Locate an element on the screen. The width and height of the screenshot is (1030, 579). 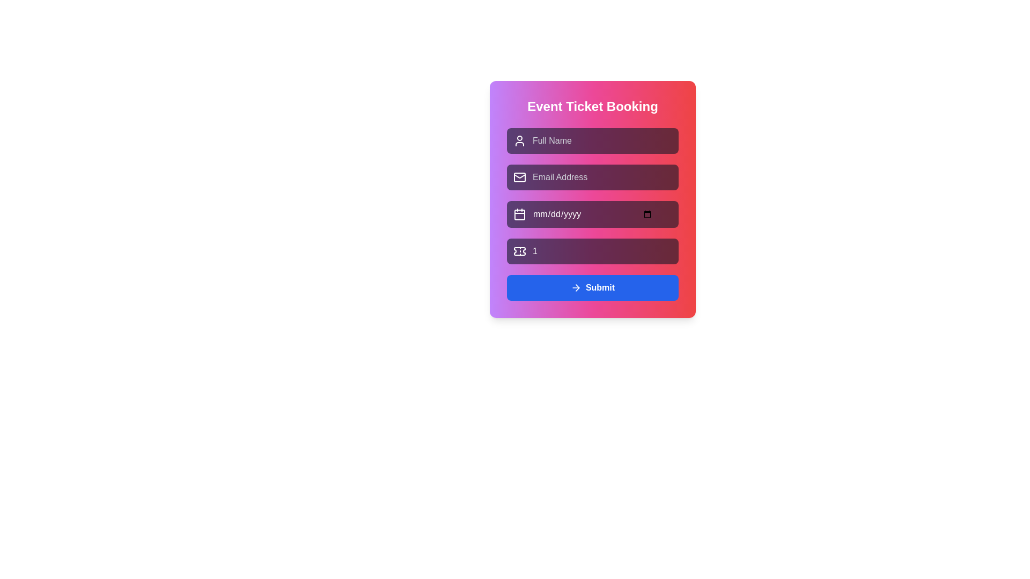
the envelope icon located to the left of the 'Email Address' input field in the 'Event Ticket Booking' form, which visually represents the email concept is located at coordinates (520, 177).